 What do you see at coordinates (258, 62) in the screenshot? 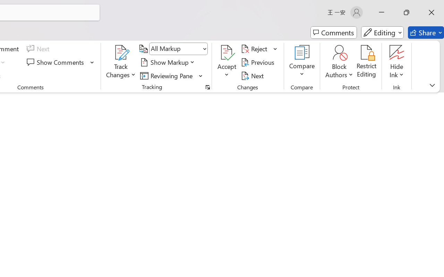
I see `'Previous'` at bounding box center [258, 62].